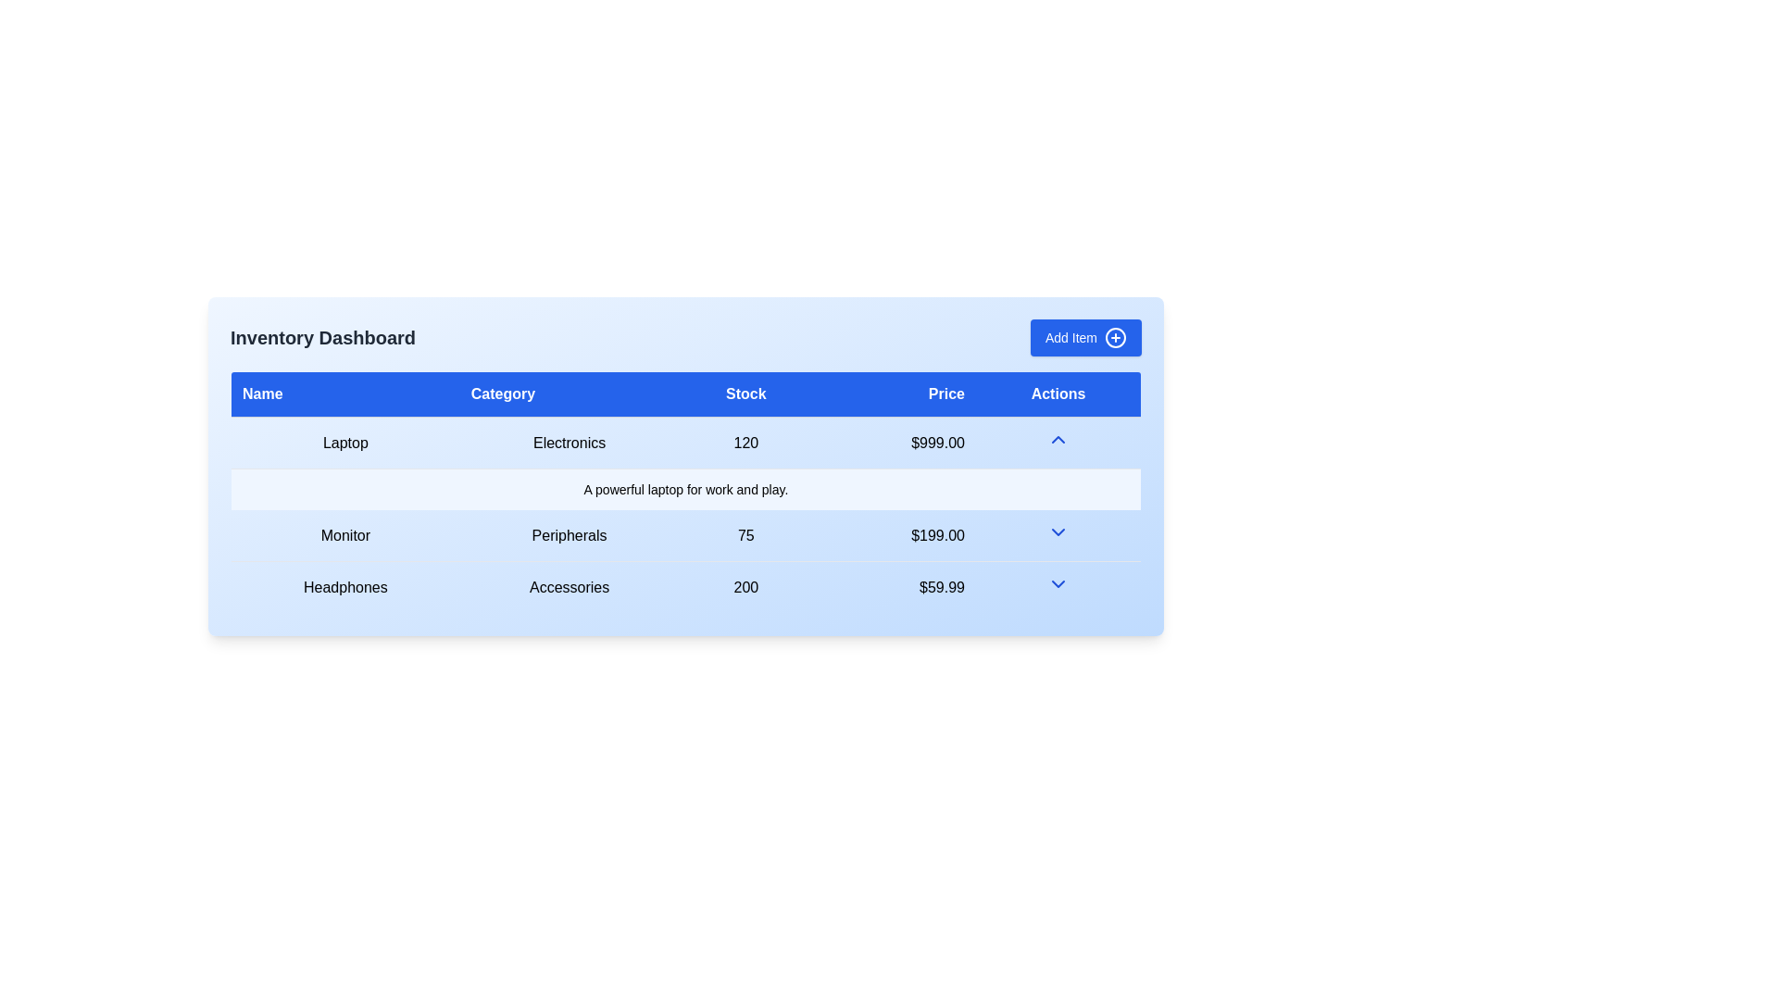 Image resolution: width=1778 pixels, height=1000 pixels. I want to click on the interactive control button in the inventory table for the 'Laptop' item, so click(1058, 443).